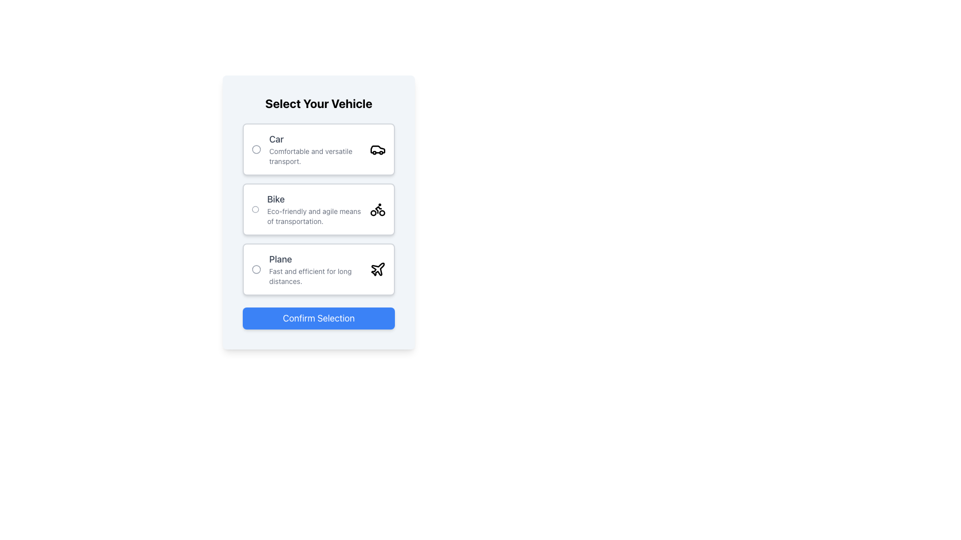 The width and height of the screenshot is (961, 540). Describe the element at coordinates (255, 209) in the screenshot. I see `the radio button indicator for the 'Bike' option located to the left of the text 'Bike' in the 'Select Your Vehicle' list` at that location.